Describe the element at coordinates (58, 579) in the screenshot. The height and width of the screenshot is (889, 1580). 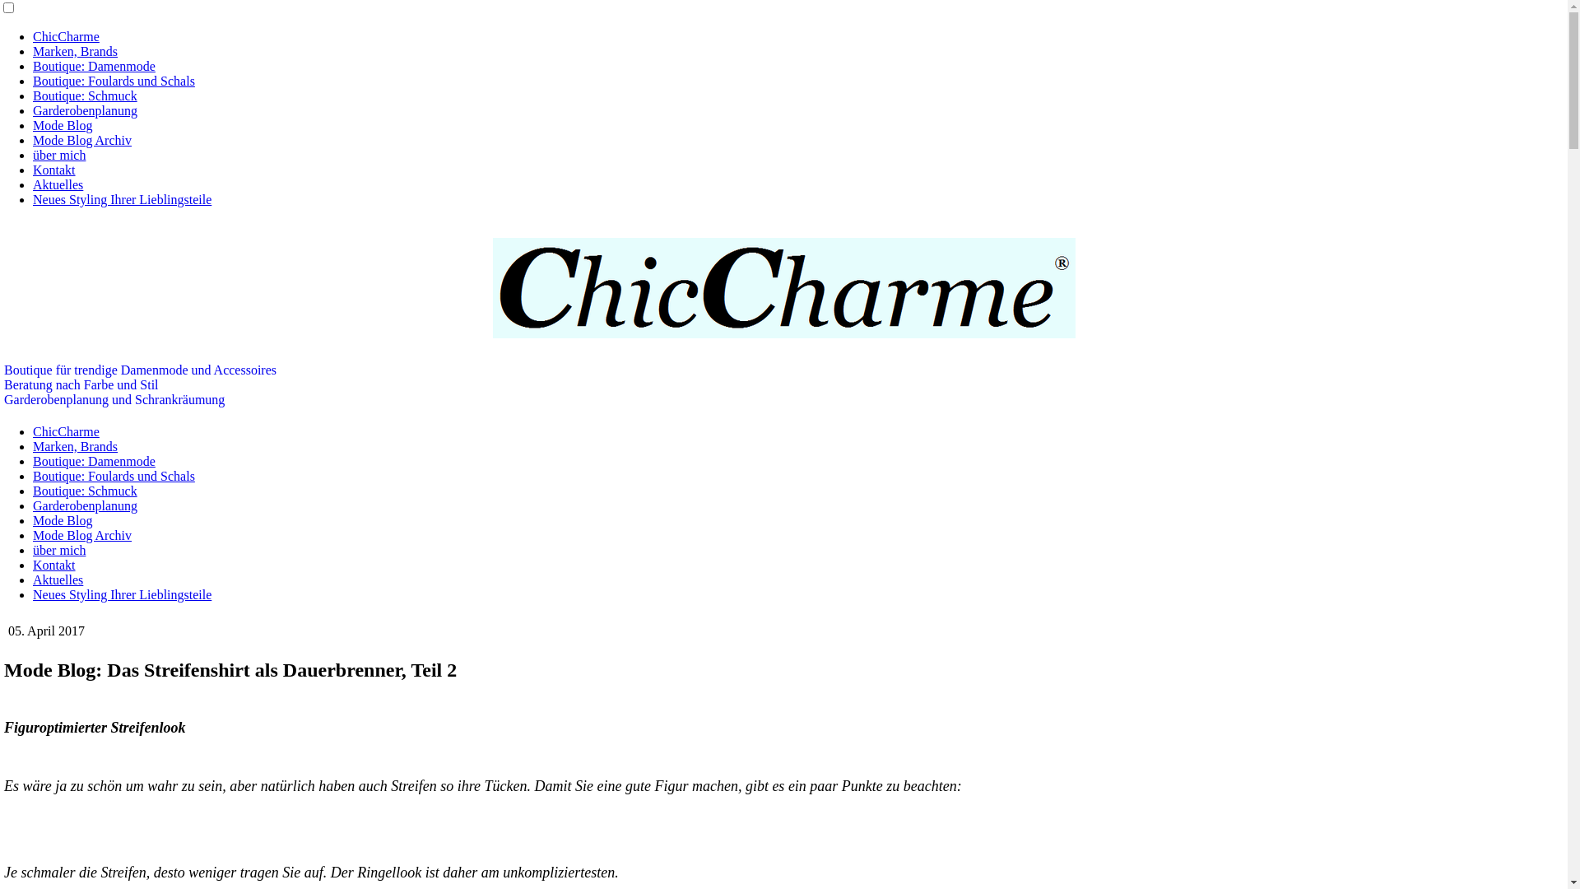
I see `'Aktuelles'` at that location.